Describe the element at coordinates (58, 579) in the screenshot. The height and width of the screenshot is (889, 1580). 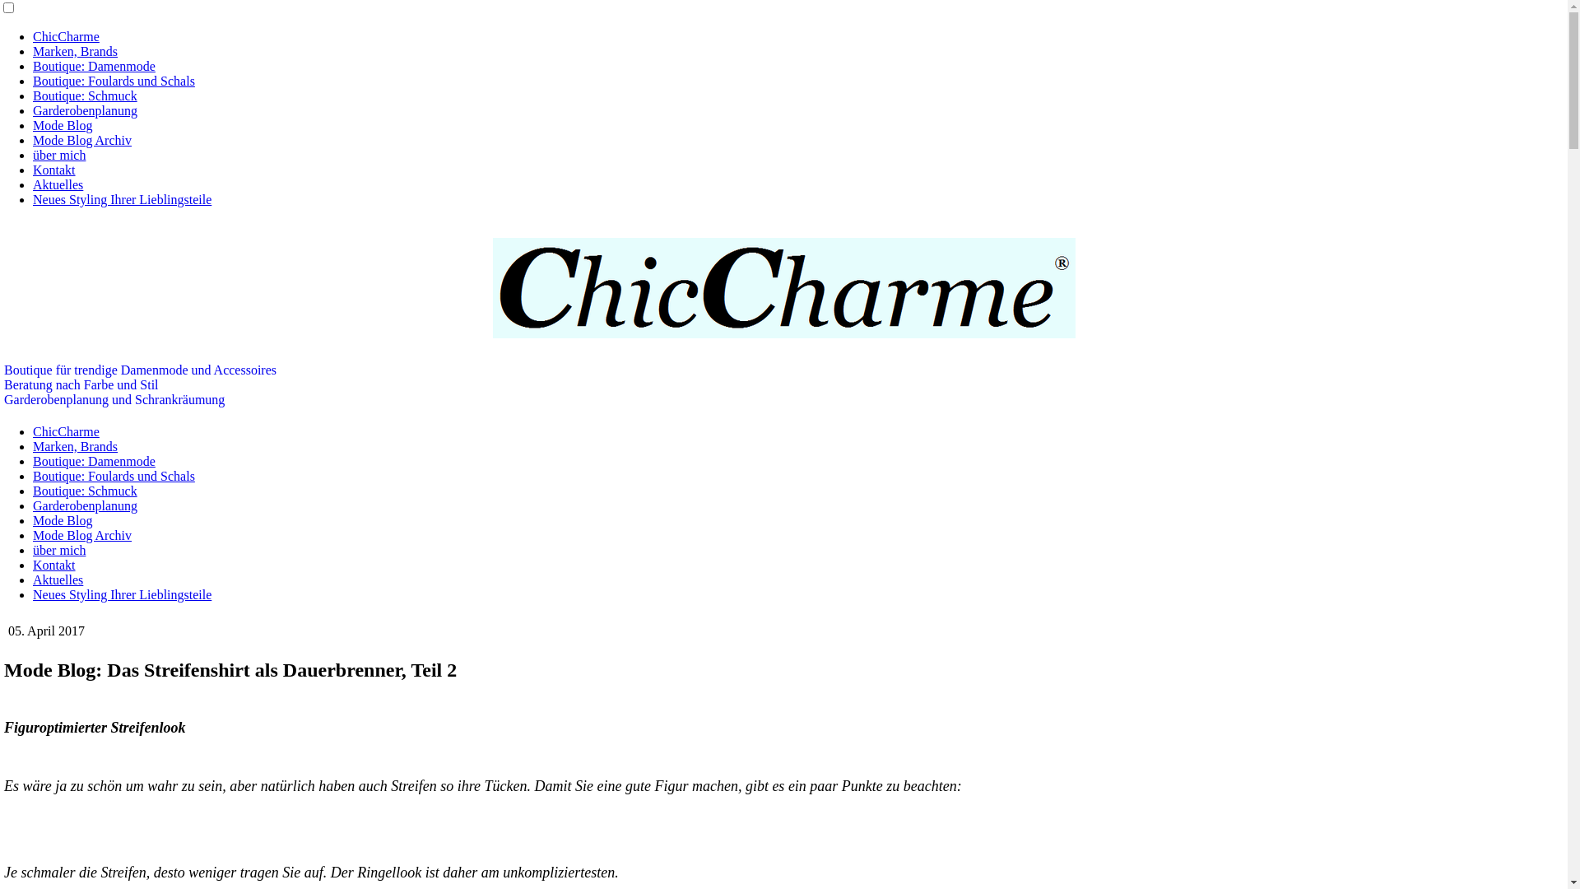
I see `'Aktuelles'` at that location.